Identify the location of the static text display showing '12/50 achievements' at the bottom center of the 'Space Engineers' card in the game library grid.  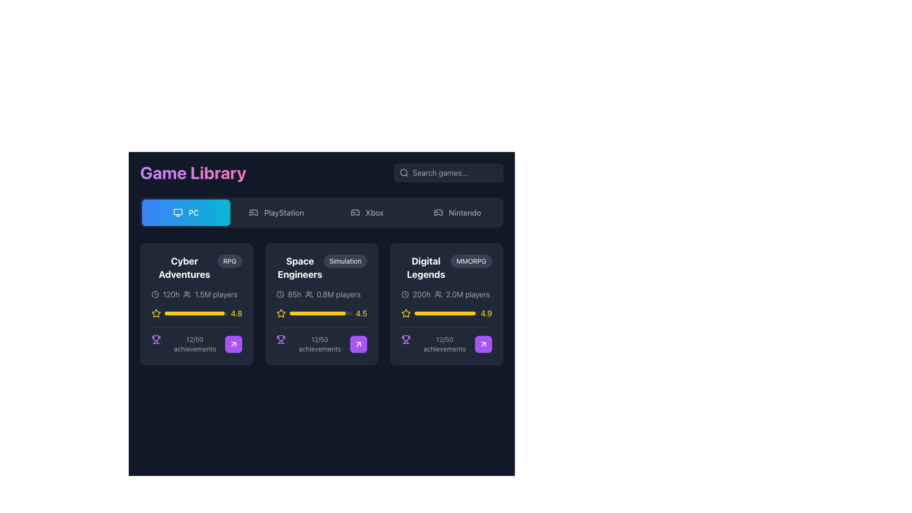
(320, 344).